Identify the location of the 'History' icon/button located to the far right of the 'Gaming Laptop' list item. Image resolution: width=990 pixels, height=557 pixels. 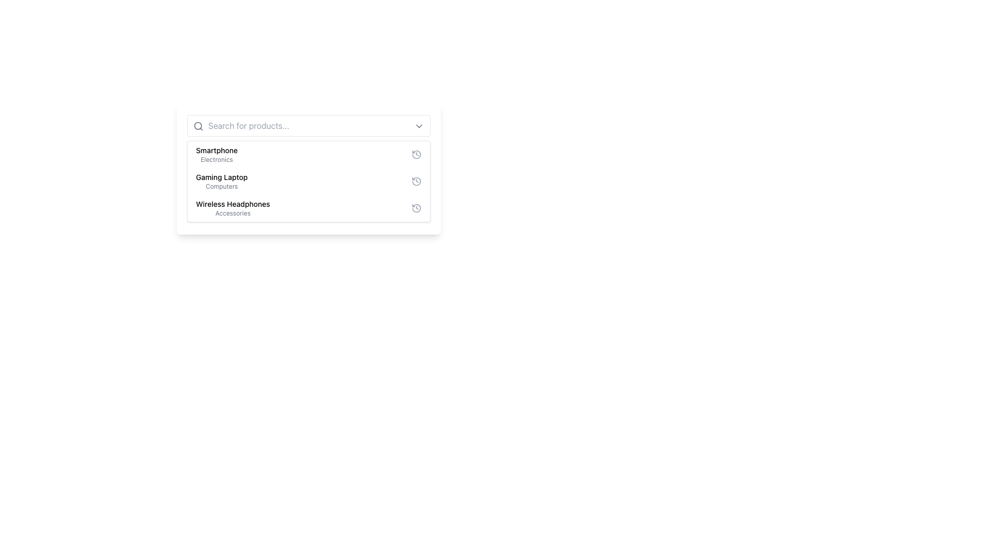
(416, 181).